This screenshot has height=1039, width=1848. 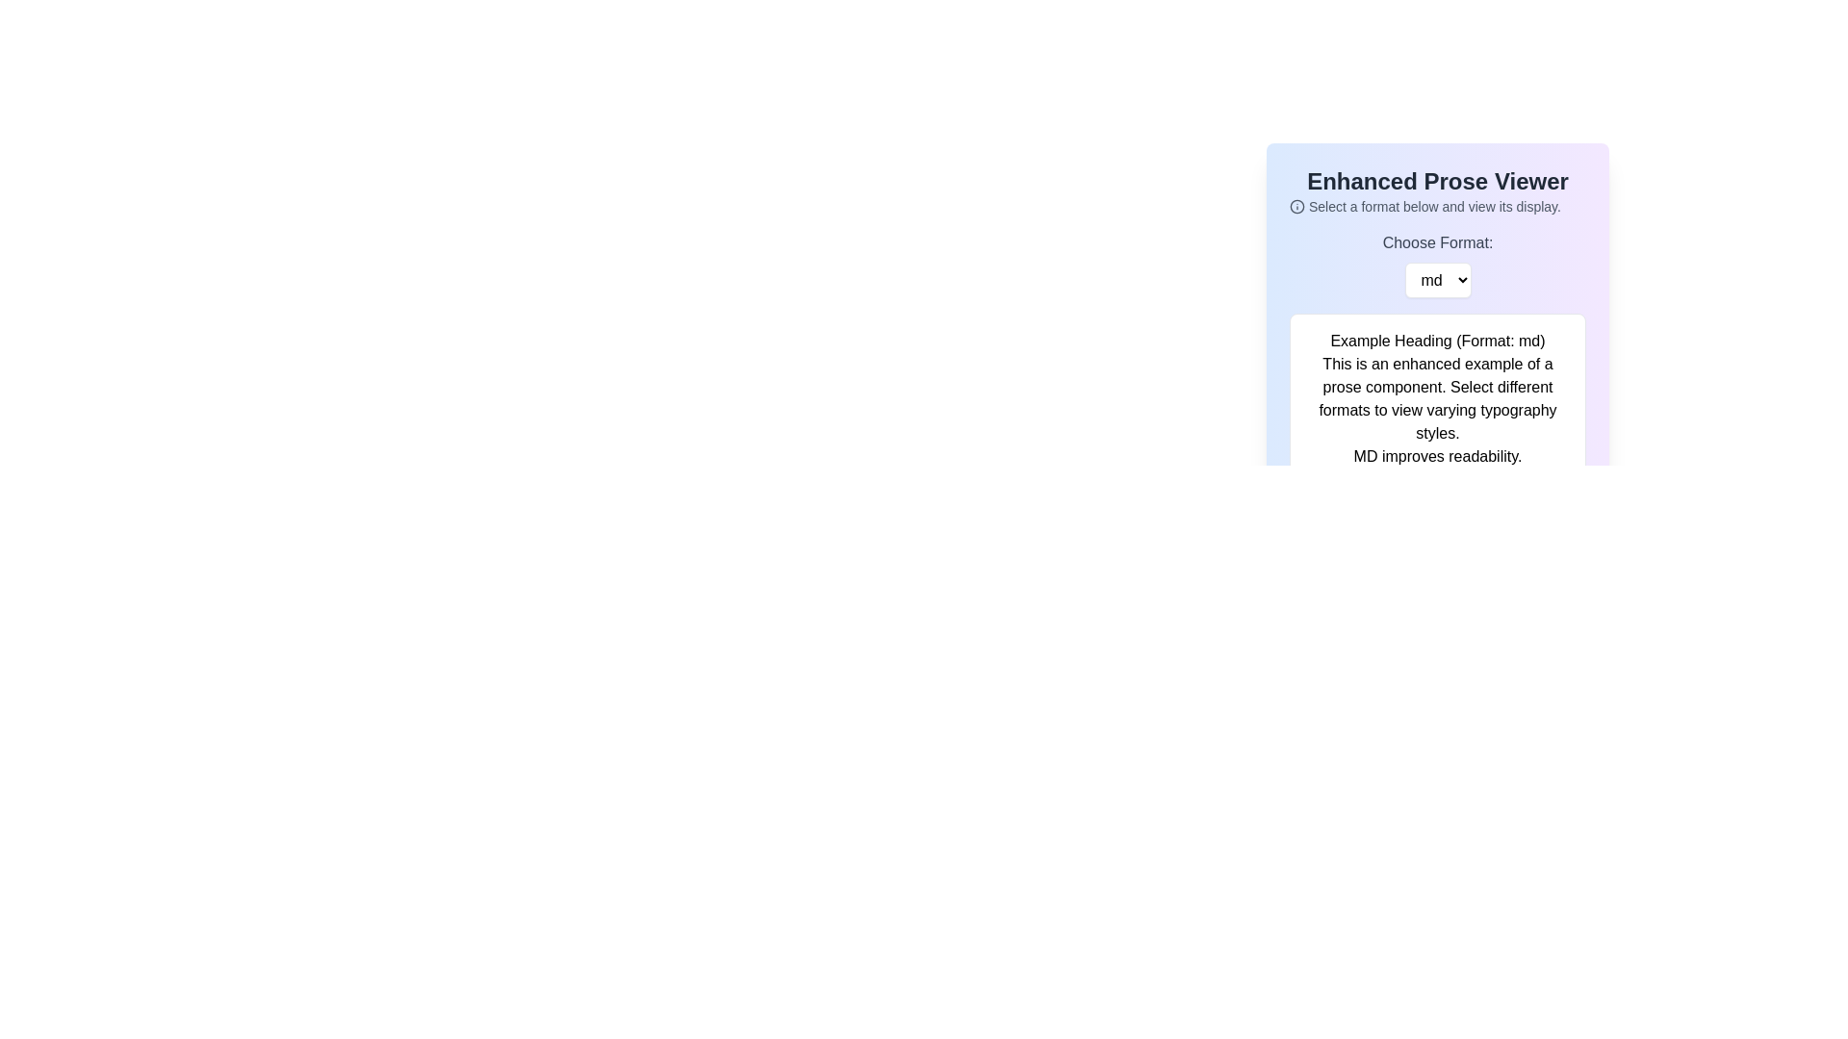 What do you see at coordinates (1437, 182) in the screenshot?
I see `the Text Label that serves as the title or heading for the current interface, positioned centrally at the top of the vertical group of elements` at bounding box center [1437, 182].